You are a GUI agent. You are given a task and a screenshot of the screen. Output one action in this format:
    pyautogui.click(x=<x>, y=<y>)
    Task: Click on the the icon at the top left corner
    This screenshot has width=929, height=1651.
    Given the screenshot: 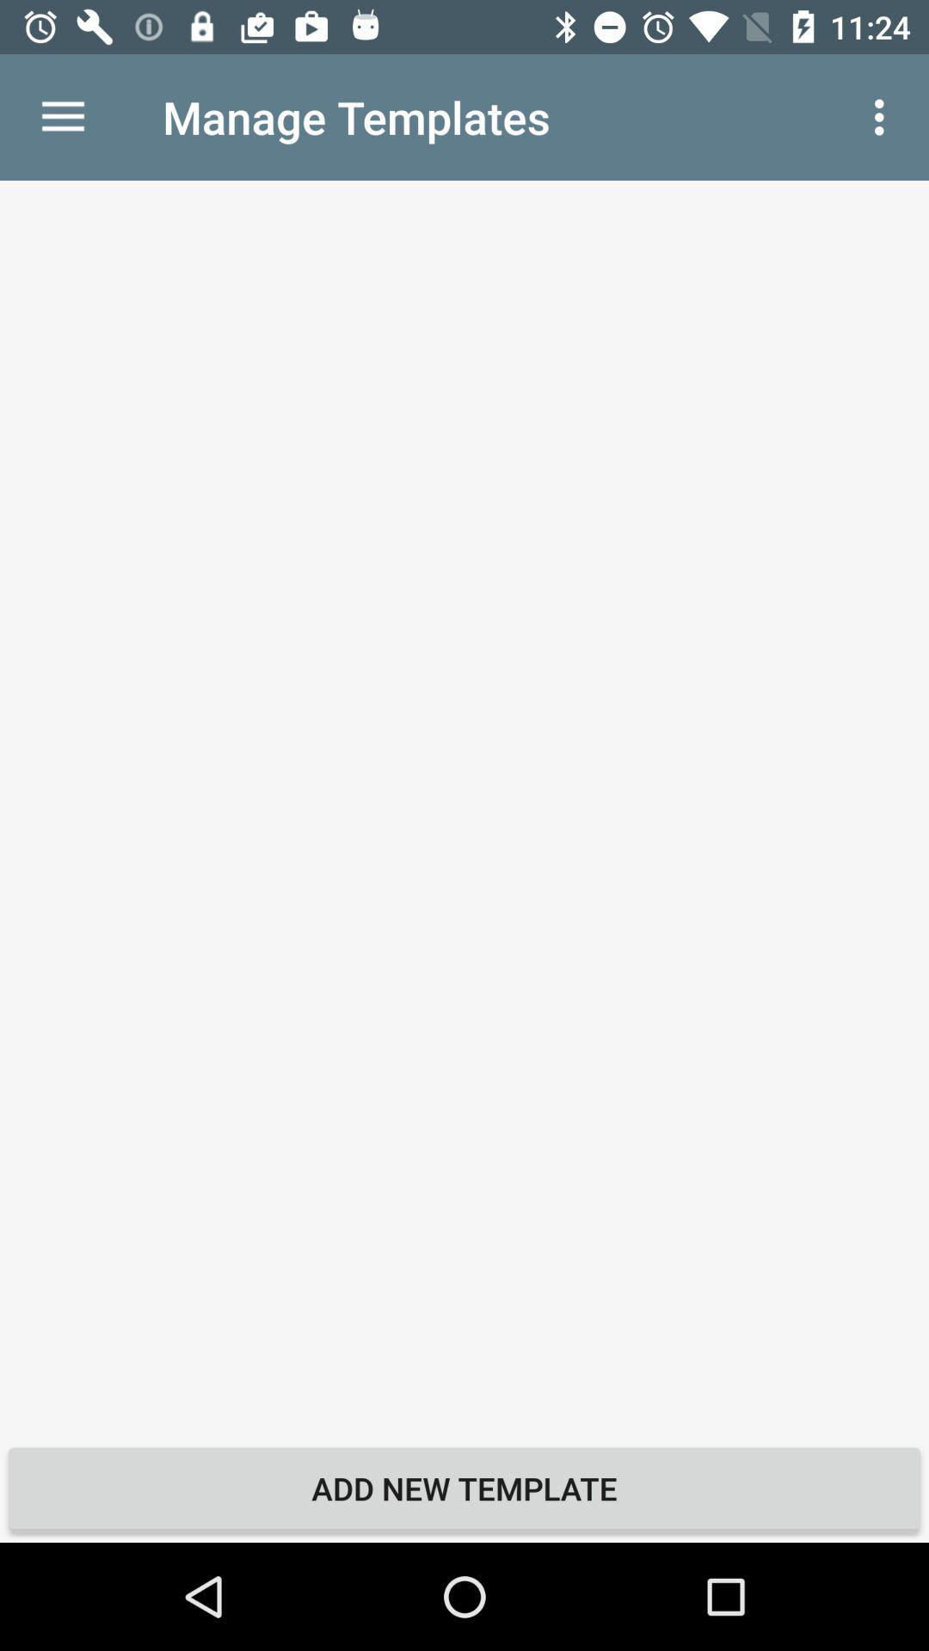 What is the action you would take?
    pyautogui.click(x=62, y=116)
    